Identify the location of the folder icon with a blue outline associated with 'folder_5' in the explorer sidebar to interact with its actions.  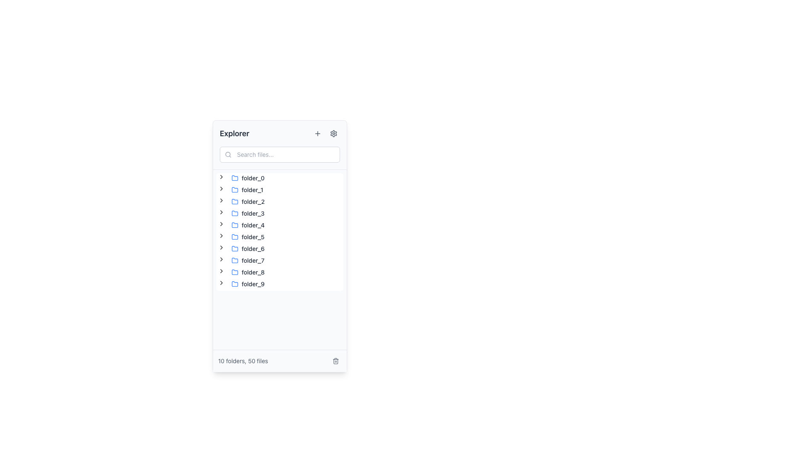
(235, 237).